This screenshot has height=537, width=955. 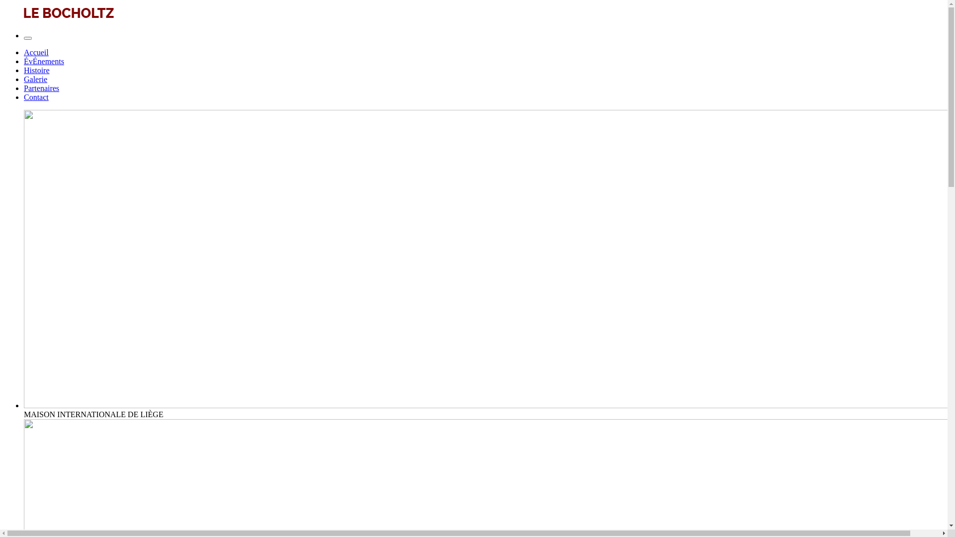 I want to click on 'Galerie', so click(x=35, y=79).